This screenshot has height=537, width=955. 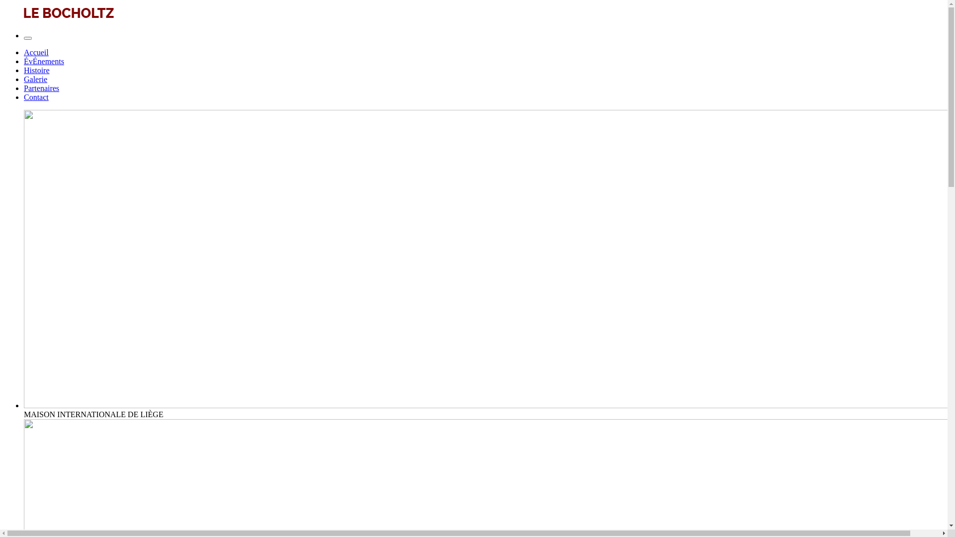 I want to click on 'Galerie', so click(x=35, y=79).